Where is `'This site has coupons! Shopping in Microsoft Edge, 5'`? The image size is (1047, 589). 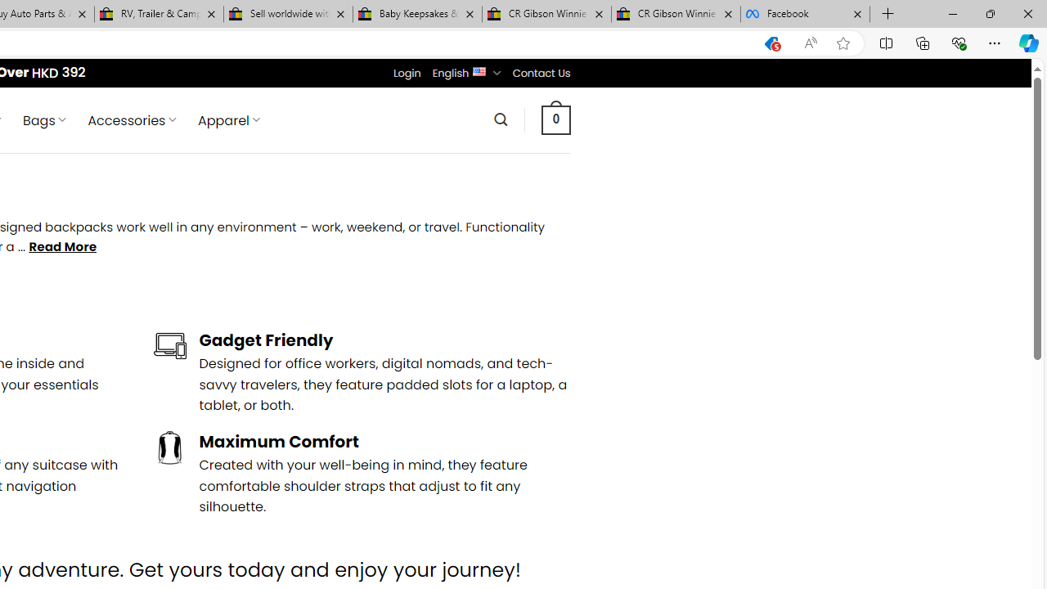
'This site has coupons! Shopping in Microsoft Edge, 5' is located at coordinates (771, 43).